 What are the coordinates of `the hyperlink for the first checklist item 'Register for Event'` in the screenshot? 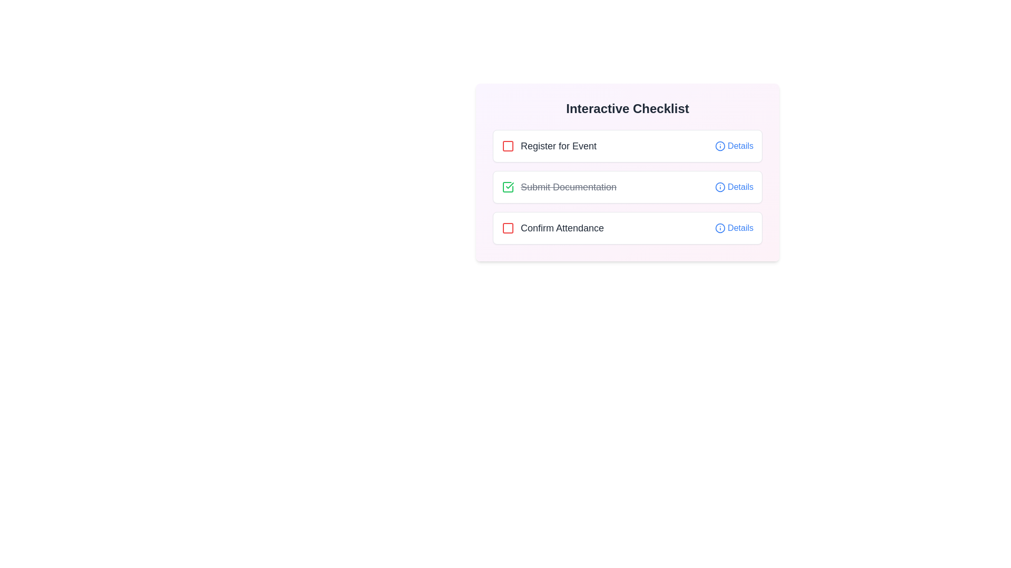 It's located at (740, 146).